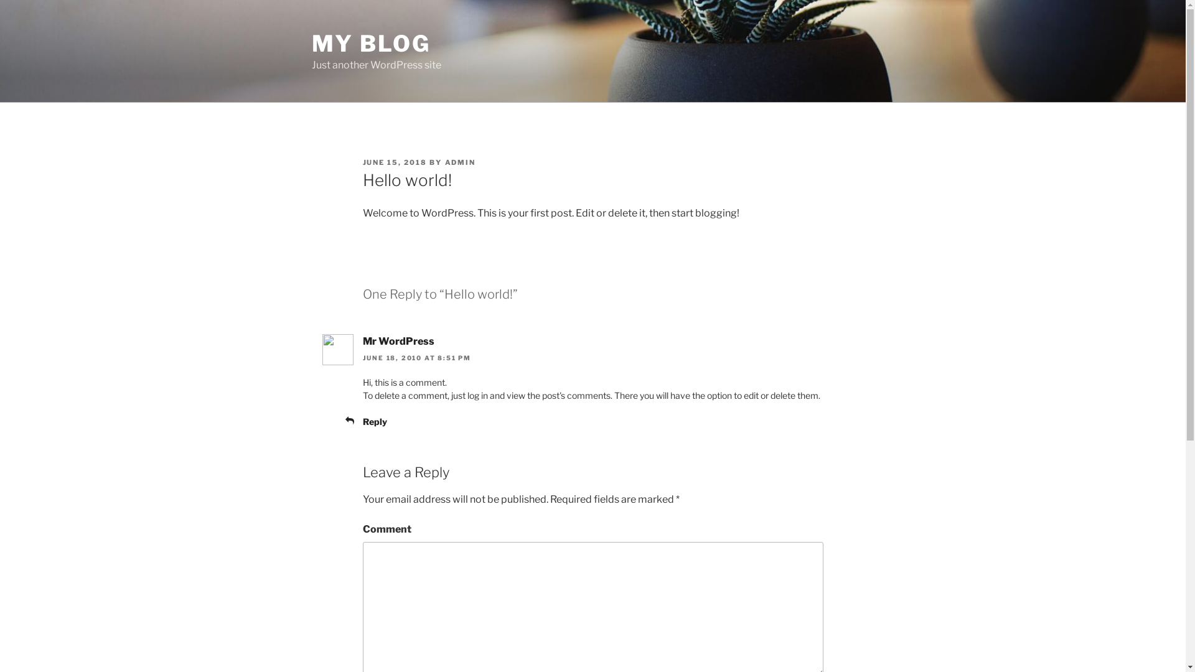 The width and height of the screenshot is (1195, 672). Describe the element at coordinates (393, 162) in the screenshot. I see `'JUNE 15, 2018'` at that location.